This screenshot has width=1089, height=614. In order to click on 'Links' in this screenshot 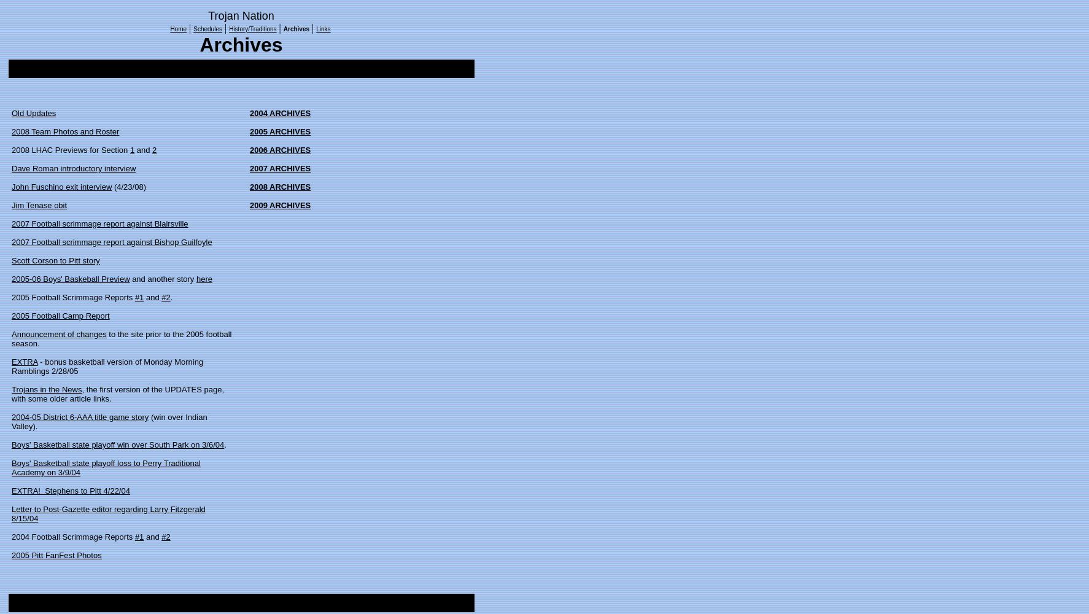, I will do `click(316, 29)`.